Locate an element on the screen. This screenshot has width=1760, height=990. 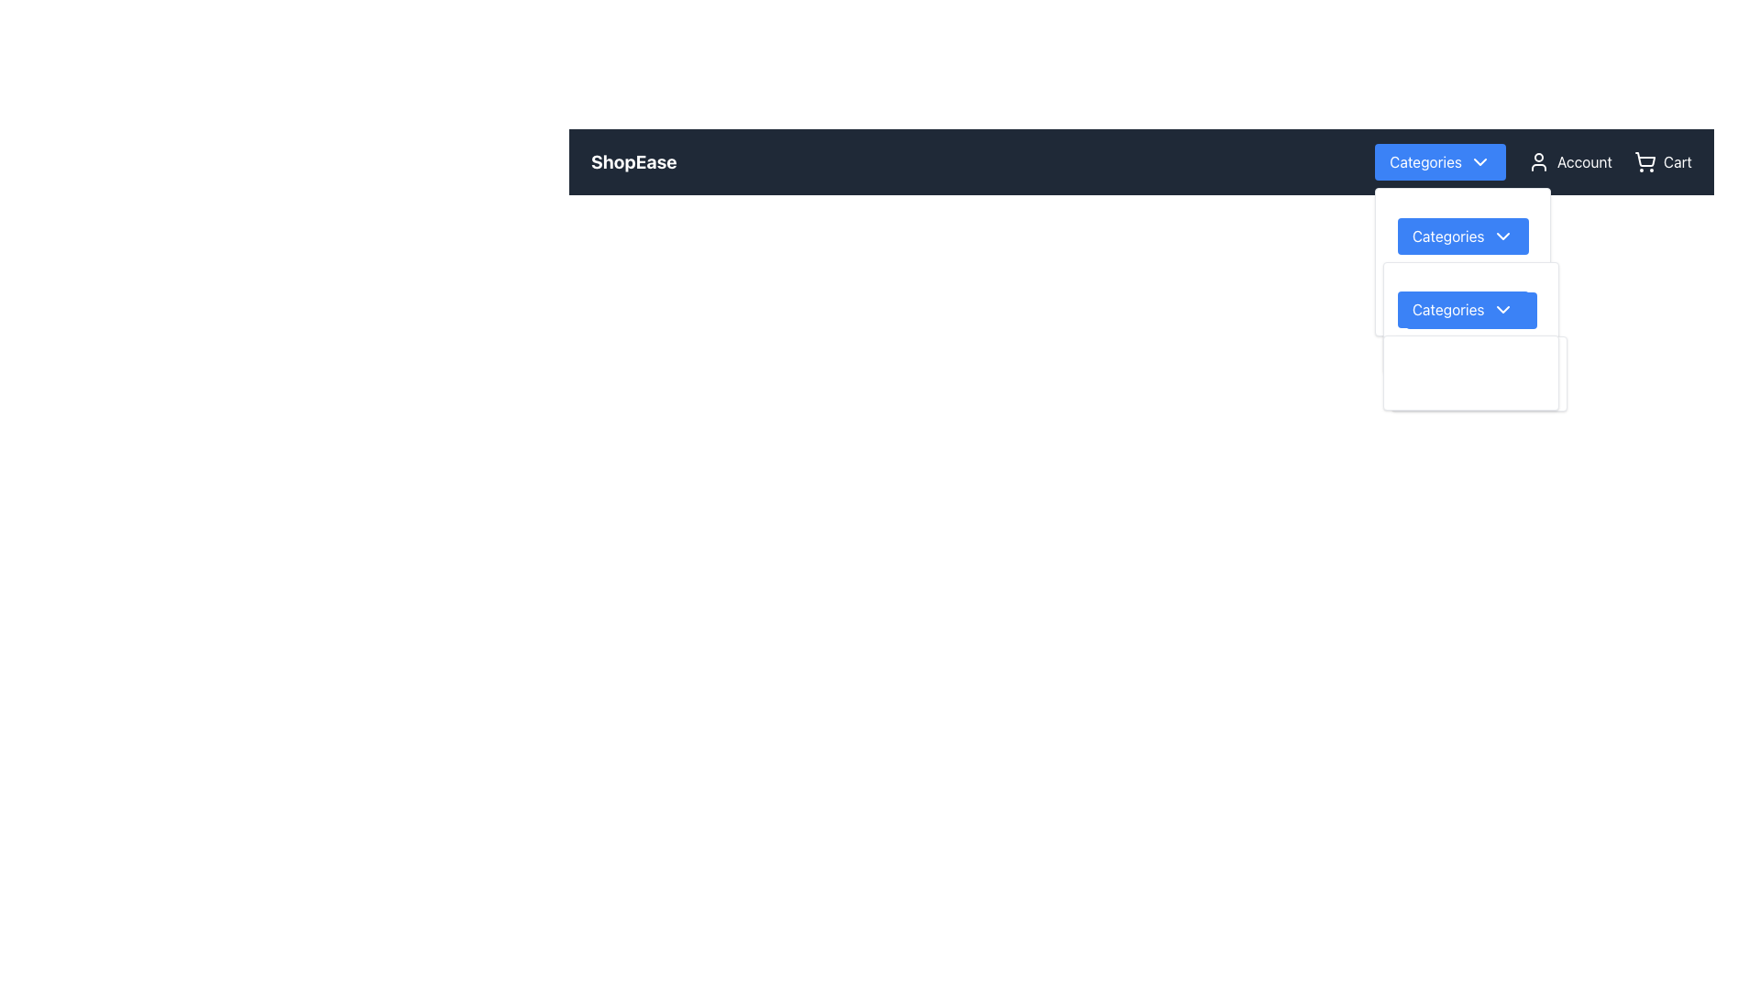
the user account SVG icon located to the left of the 'Account' text in the top navigation bar is located at coordinates (1538, 161).